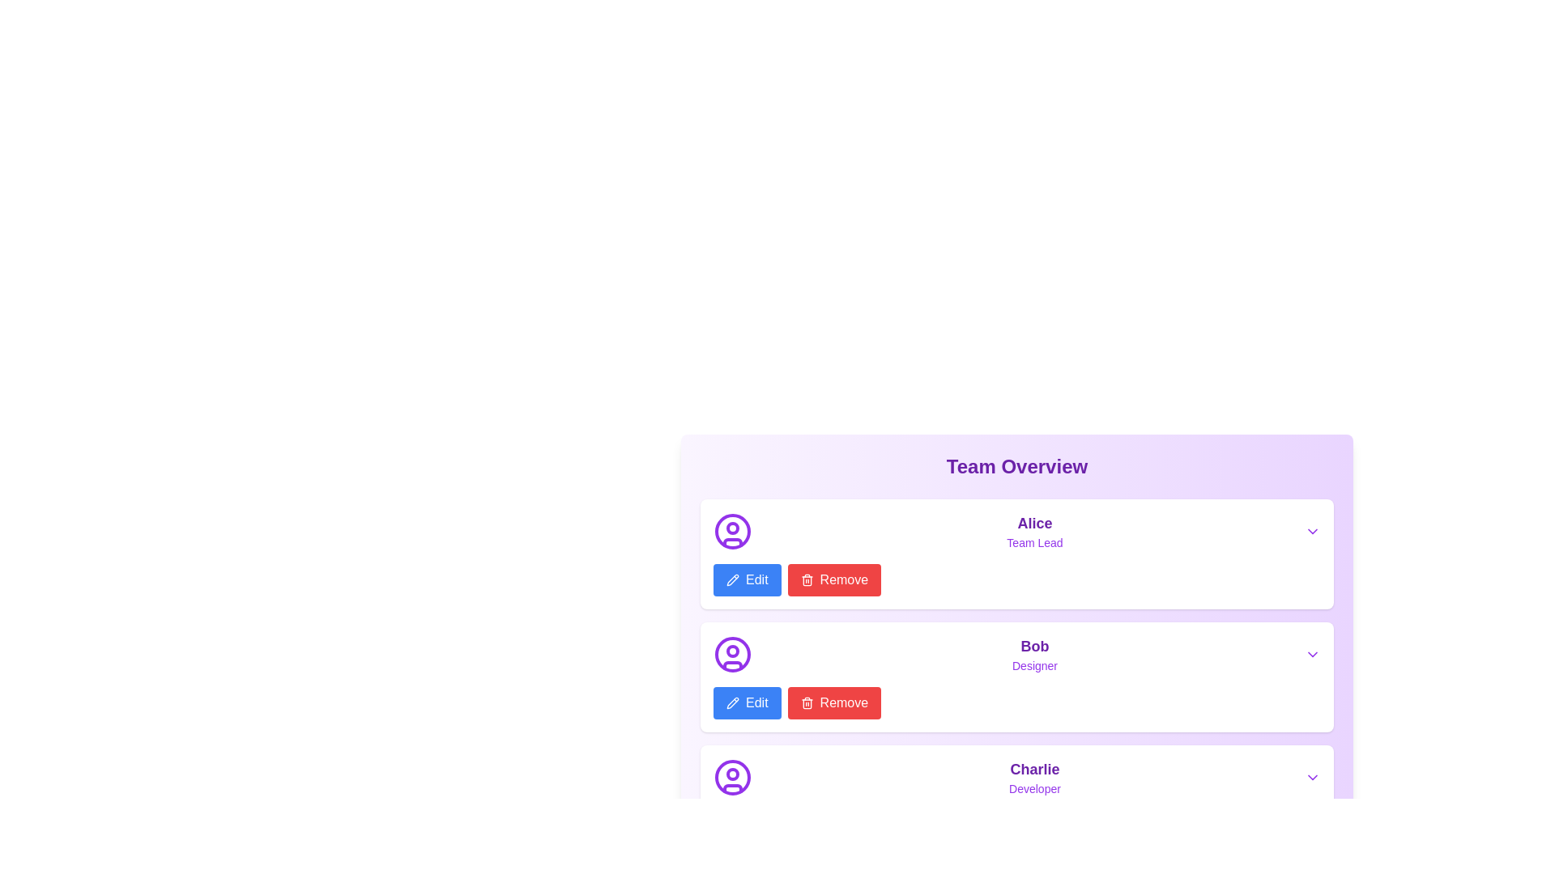 The image size is (1555, 874). Describe the element at coordinates (807, 702) in the screenshot. I see `the 'Remove' button icon, which is the second interactive element in the 'Bob Designer' card of the 'Team Overview' section` at that location.